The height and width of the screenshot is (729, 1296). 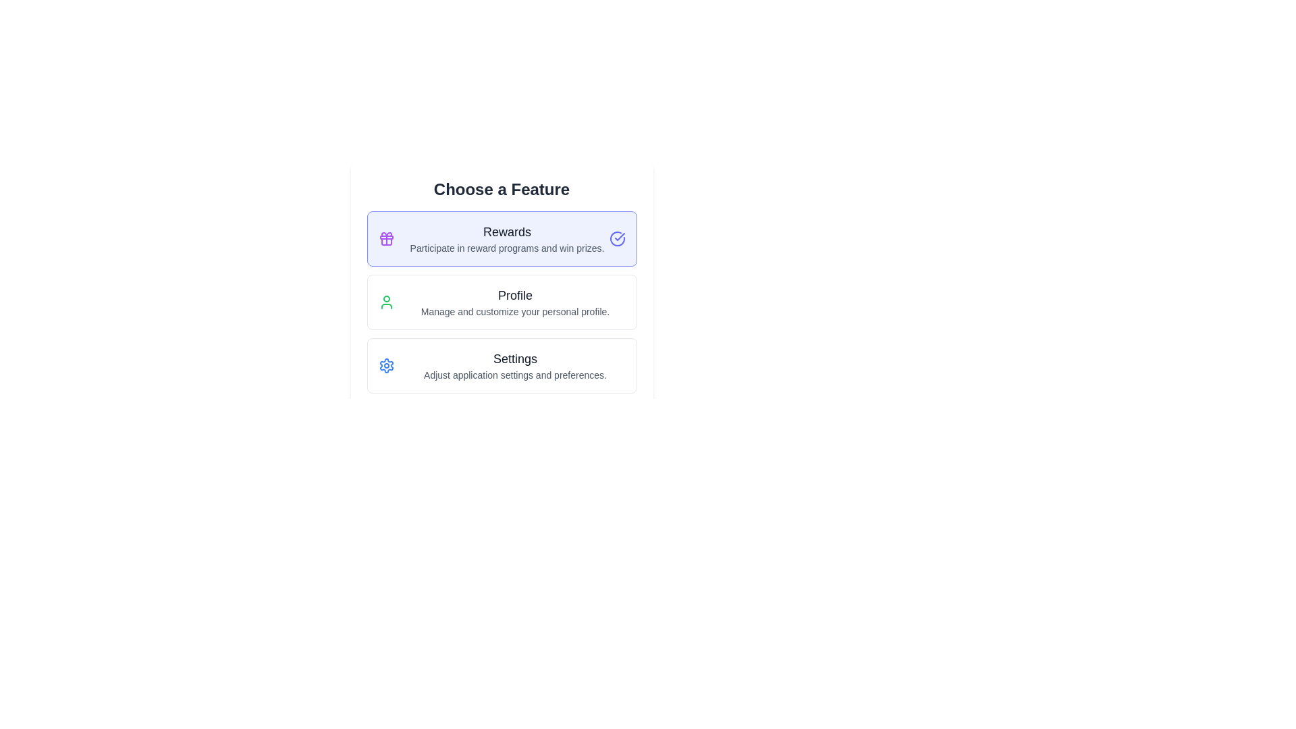 What do you see at coordinates (385, 238) in the screenshot?
I see `the small purple gift box icon located in the 'Rewards' section, which is outlined clearly and has a bow on top, positioned to the left of the text explaining the rewards program` at bounding box center [385, 238].